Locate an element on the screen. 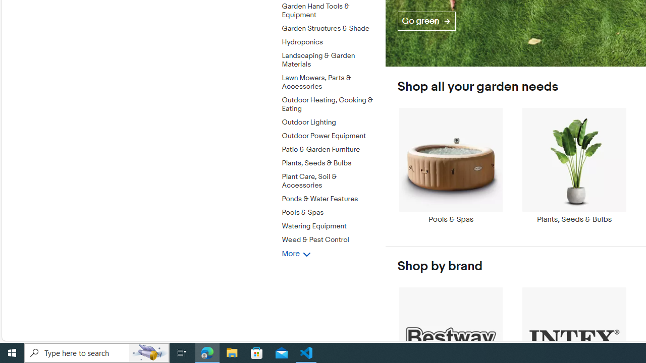 Image resolution: width=646 pixels, height=363 pixels. 'Hydroponics' is located at coordinates (330, 42).